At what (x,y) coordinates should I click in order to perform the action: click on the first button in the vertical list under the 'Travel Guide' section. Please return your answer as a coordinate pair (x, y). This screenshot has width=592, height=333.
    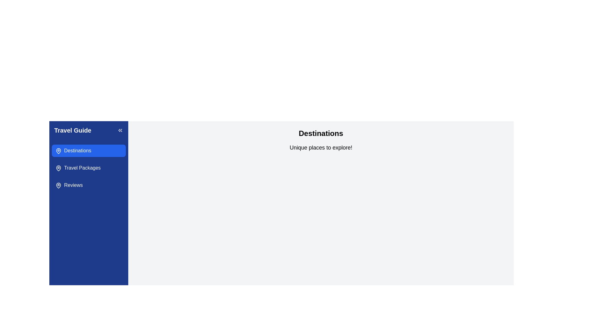
    Looking at the image, I should click on (88, 151).